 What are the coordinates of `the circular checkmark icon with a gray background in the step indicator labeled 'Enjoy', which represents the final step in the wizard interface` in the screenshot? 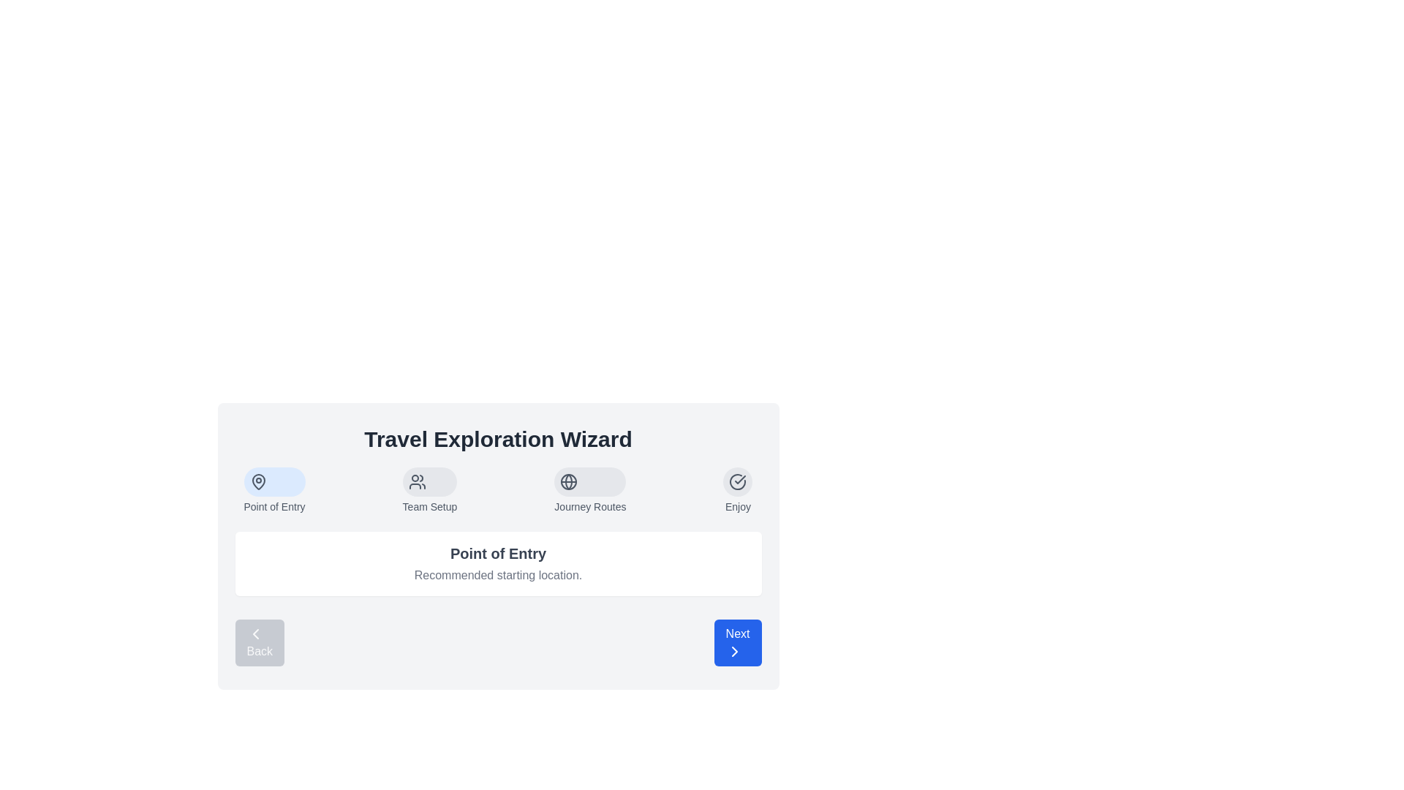 It's located at (738, 482).